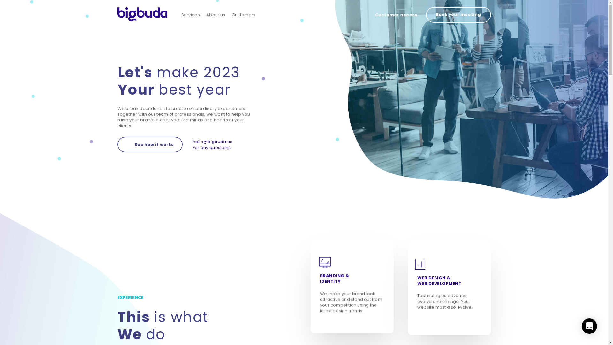 This screenshot has width=613, height=345. Describe the element at coordinates (396, 15) in the screenshot. I see `'Customer access'` at that location.